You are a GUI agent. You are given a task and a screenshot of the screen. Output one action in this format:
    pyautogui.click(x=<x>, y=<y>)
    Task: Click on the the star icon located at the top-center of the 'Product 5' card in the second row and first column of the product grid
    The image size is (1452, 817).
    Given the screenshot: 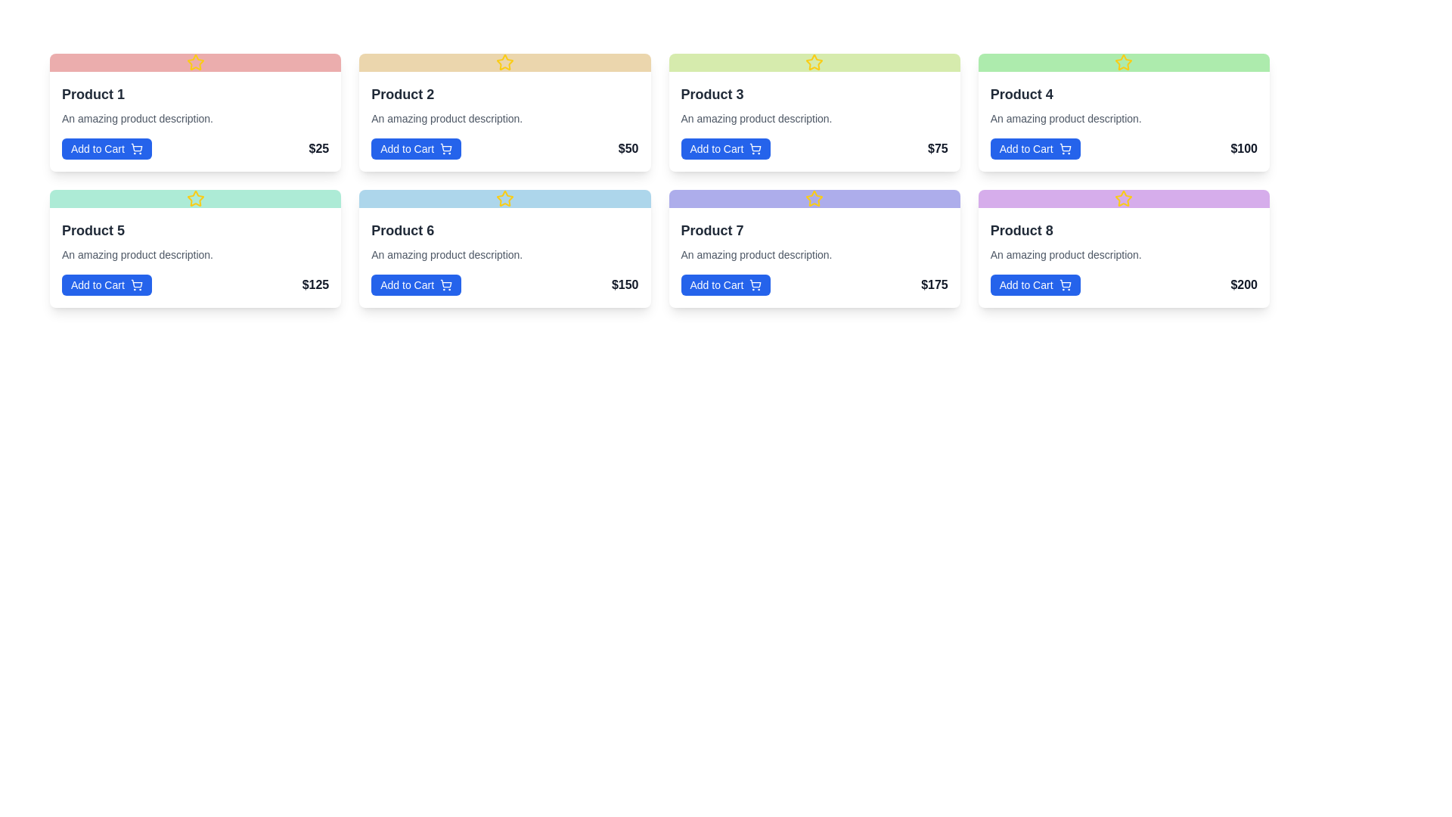 What is the action you would take?
    pyautogui.click(x=194, y=197)
    